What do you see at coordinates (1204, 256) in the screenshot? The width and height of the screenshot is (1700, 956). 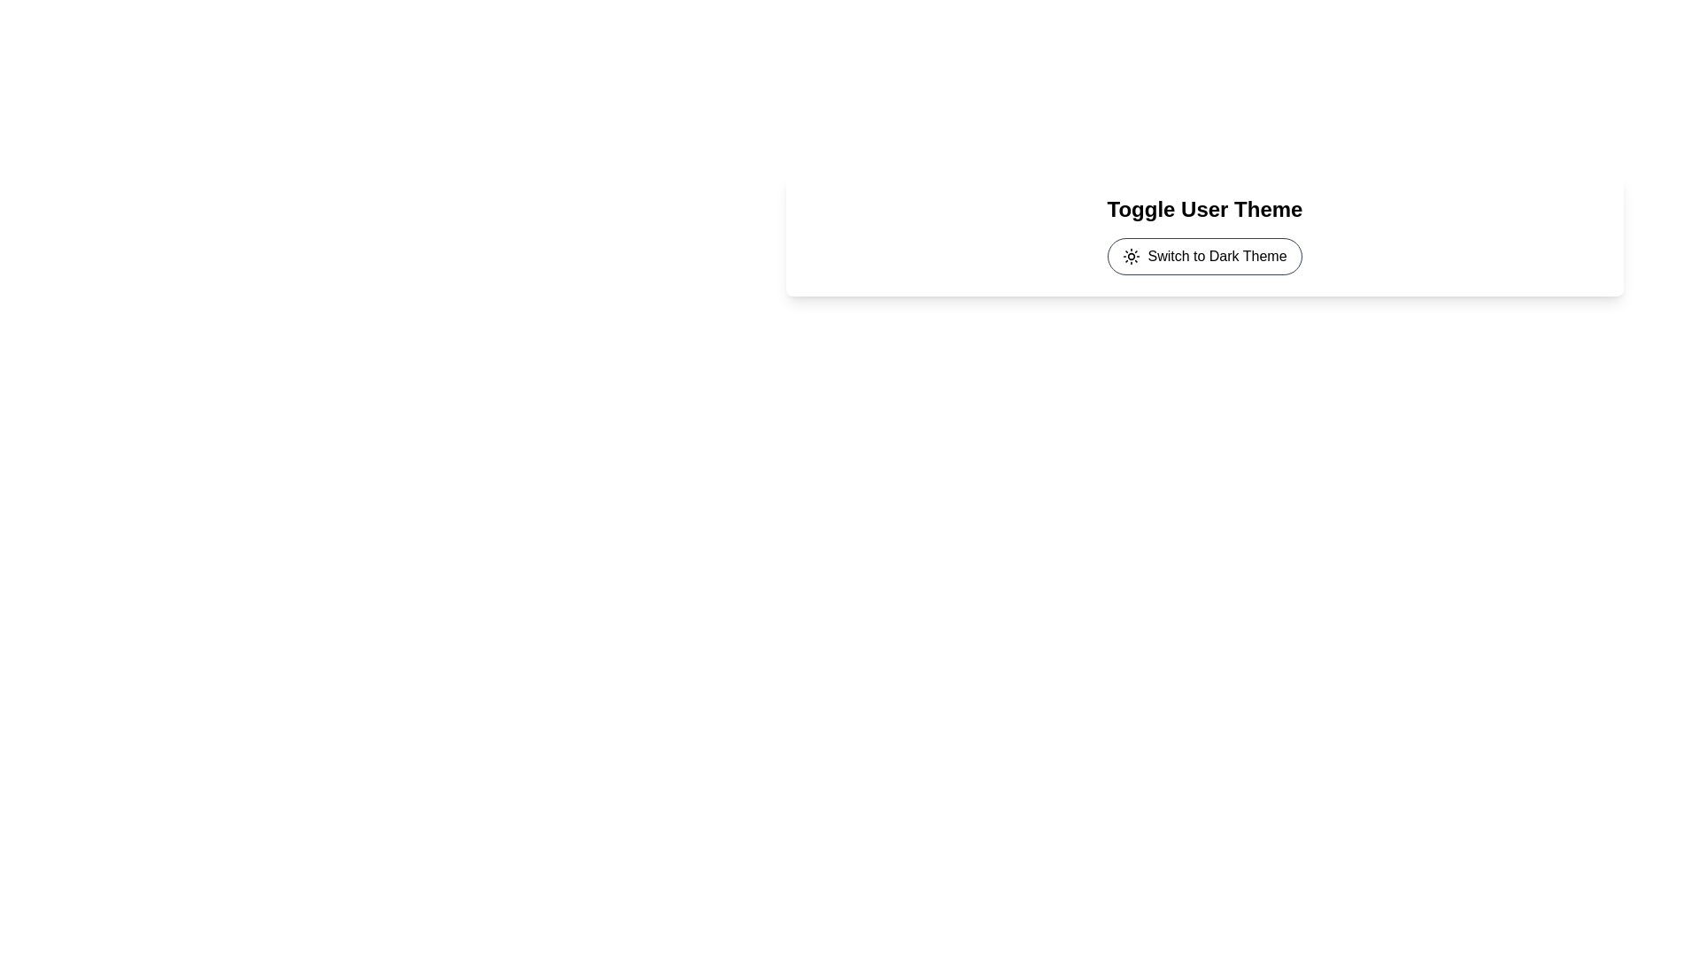 I see `the button labeled 'Switch to Dark Theme' to toggle the theme` at bounding box center [1204, 256].